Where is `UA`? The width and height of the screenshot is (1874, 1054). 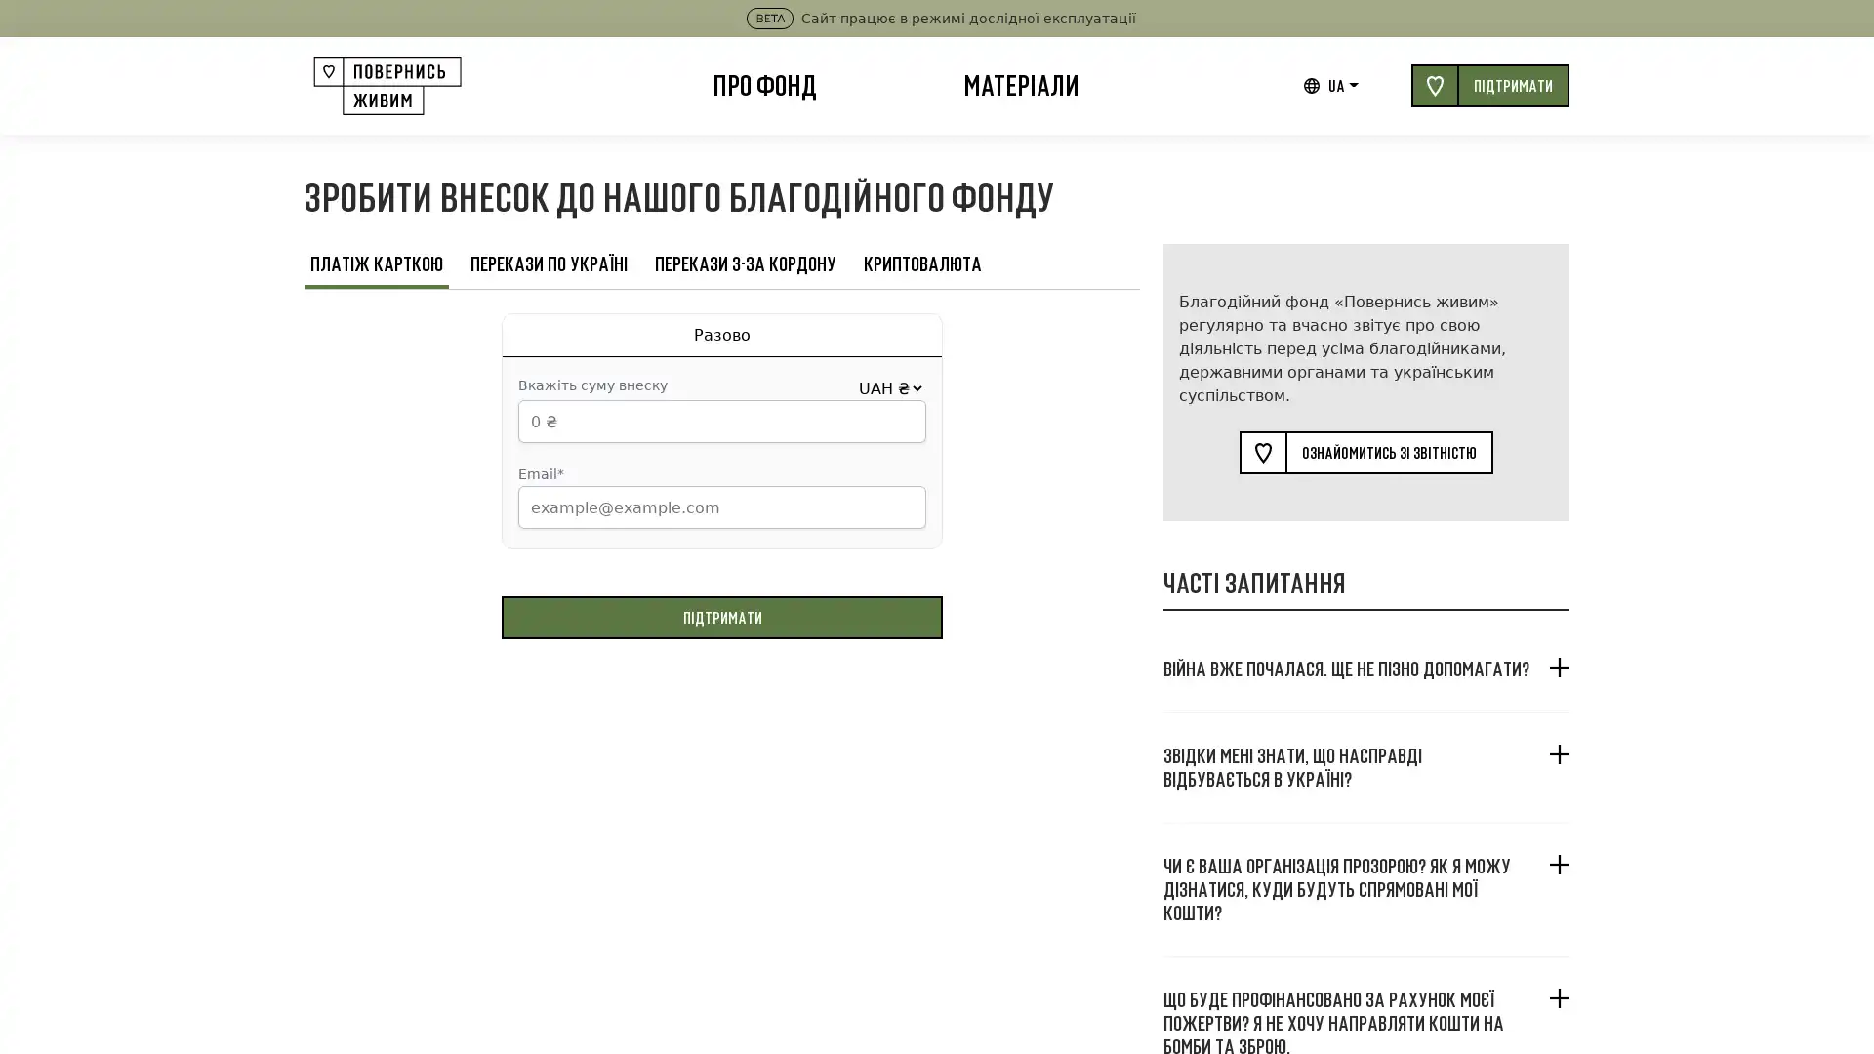
UA is located at coordinates (1342, 85).